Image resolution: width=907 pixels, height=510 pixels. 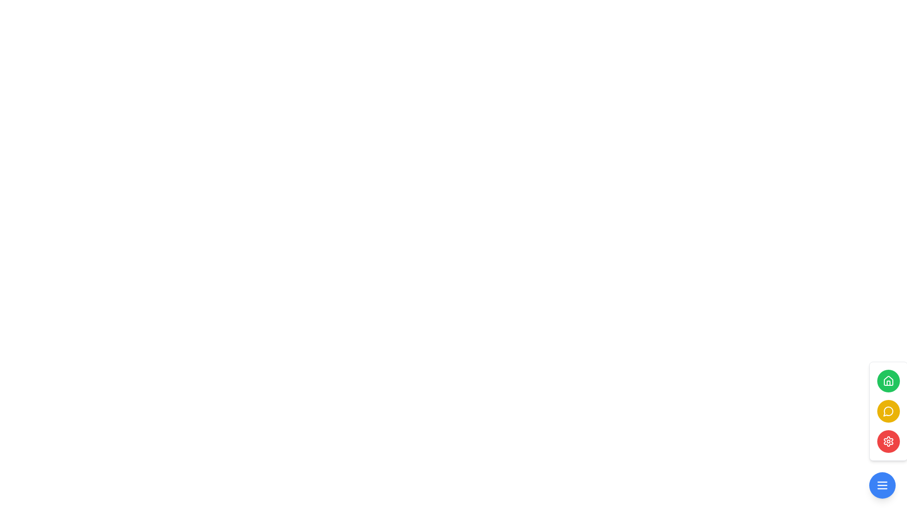 What do you see at coordinates (881, 485) in the screenshot?
I see `the circular blue button with three white horizontal lines in the center` at bounding box center [881, 485].